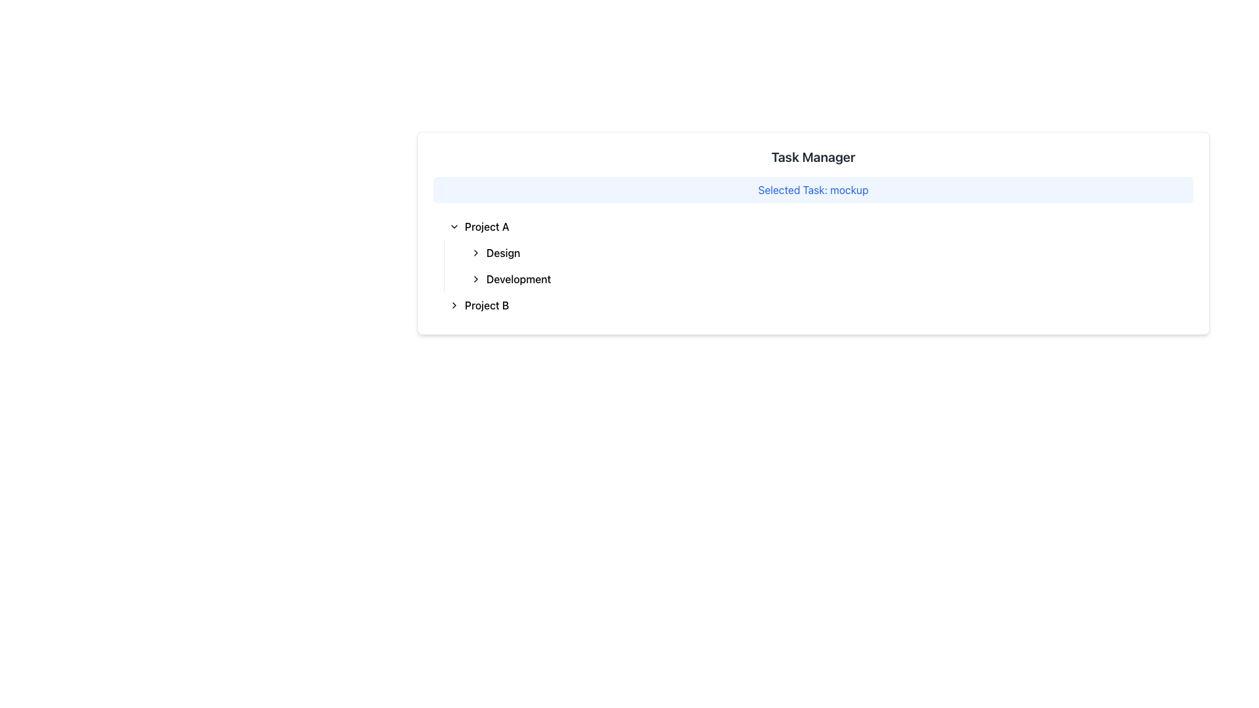 The height and width of the screenshot is (708, 1259). Describe the element at coordinates (475, 278) in the screenshot. I see `the right-pointing chevron icon located to the left of the 'Development' text in the list interface` at that location.